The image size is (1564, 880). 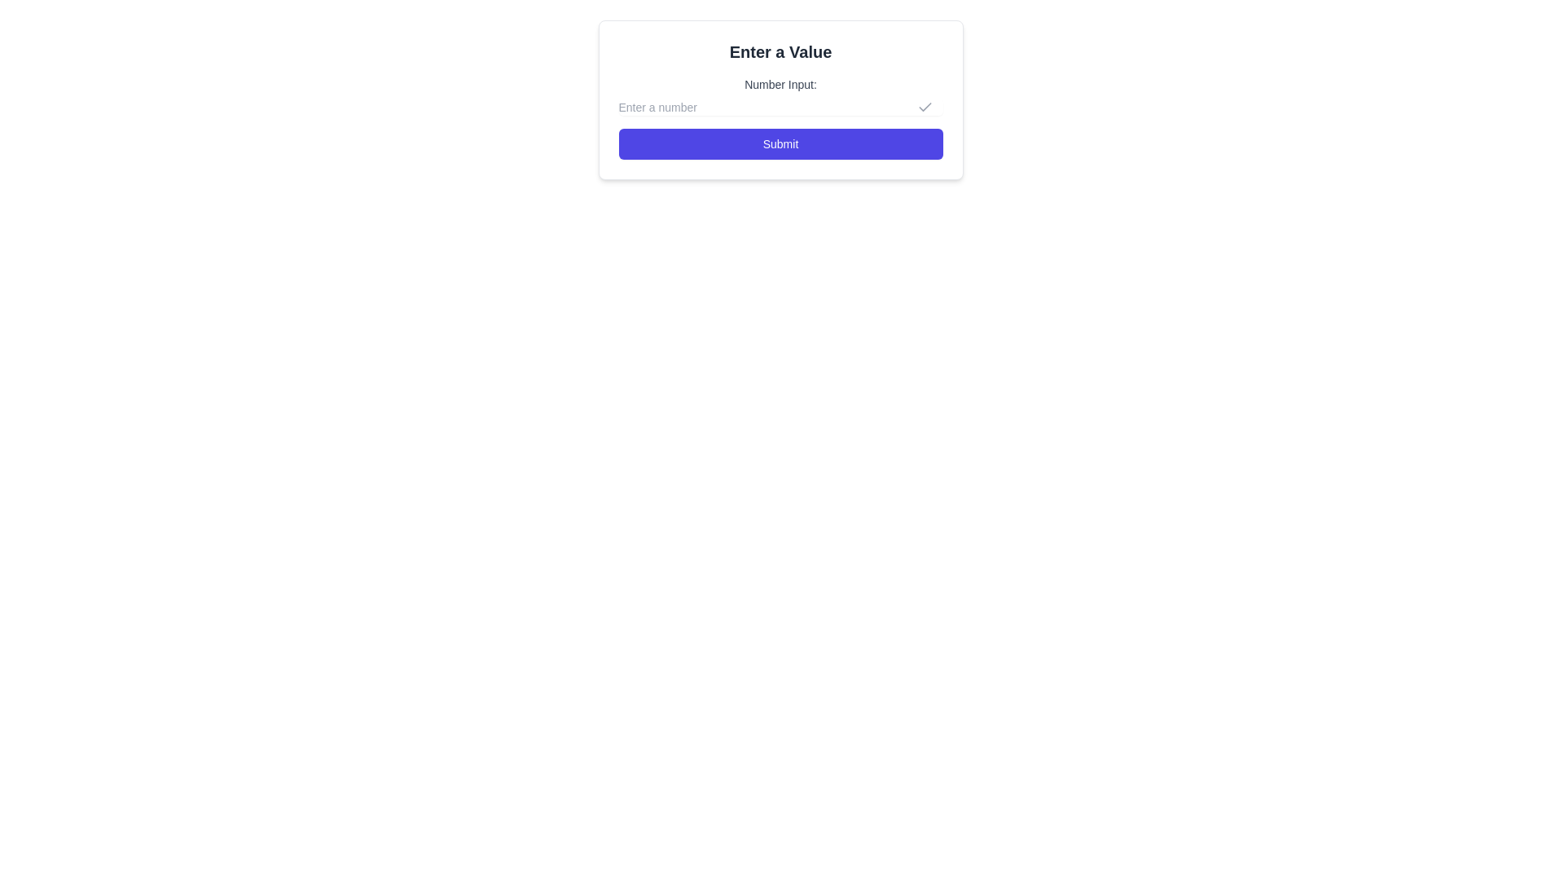 What do you see at coordinates (780, 143) in the screenshot?
I see `the 'Submit' button located directly below the 'Number Input:' field` at bounding box center [780, 143].